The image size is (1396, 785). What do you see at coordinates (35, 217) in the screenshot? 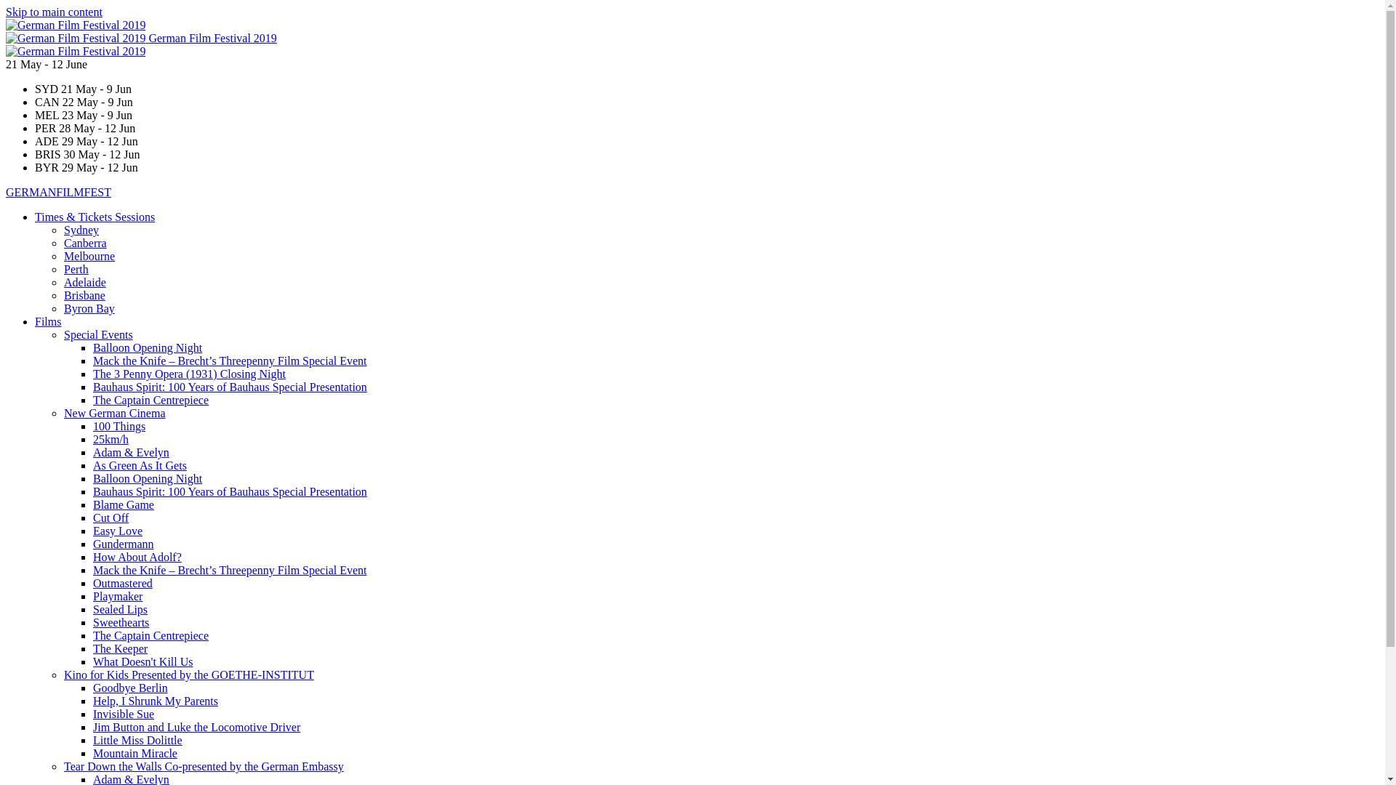
I see `'Times & Tickets Sessions'` at bounding box center [35, 217].